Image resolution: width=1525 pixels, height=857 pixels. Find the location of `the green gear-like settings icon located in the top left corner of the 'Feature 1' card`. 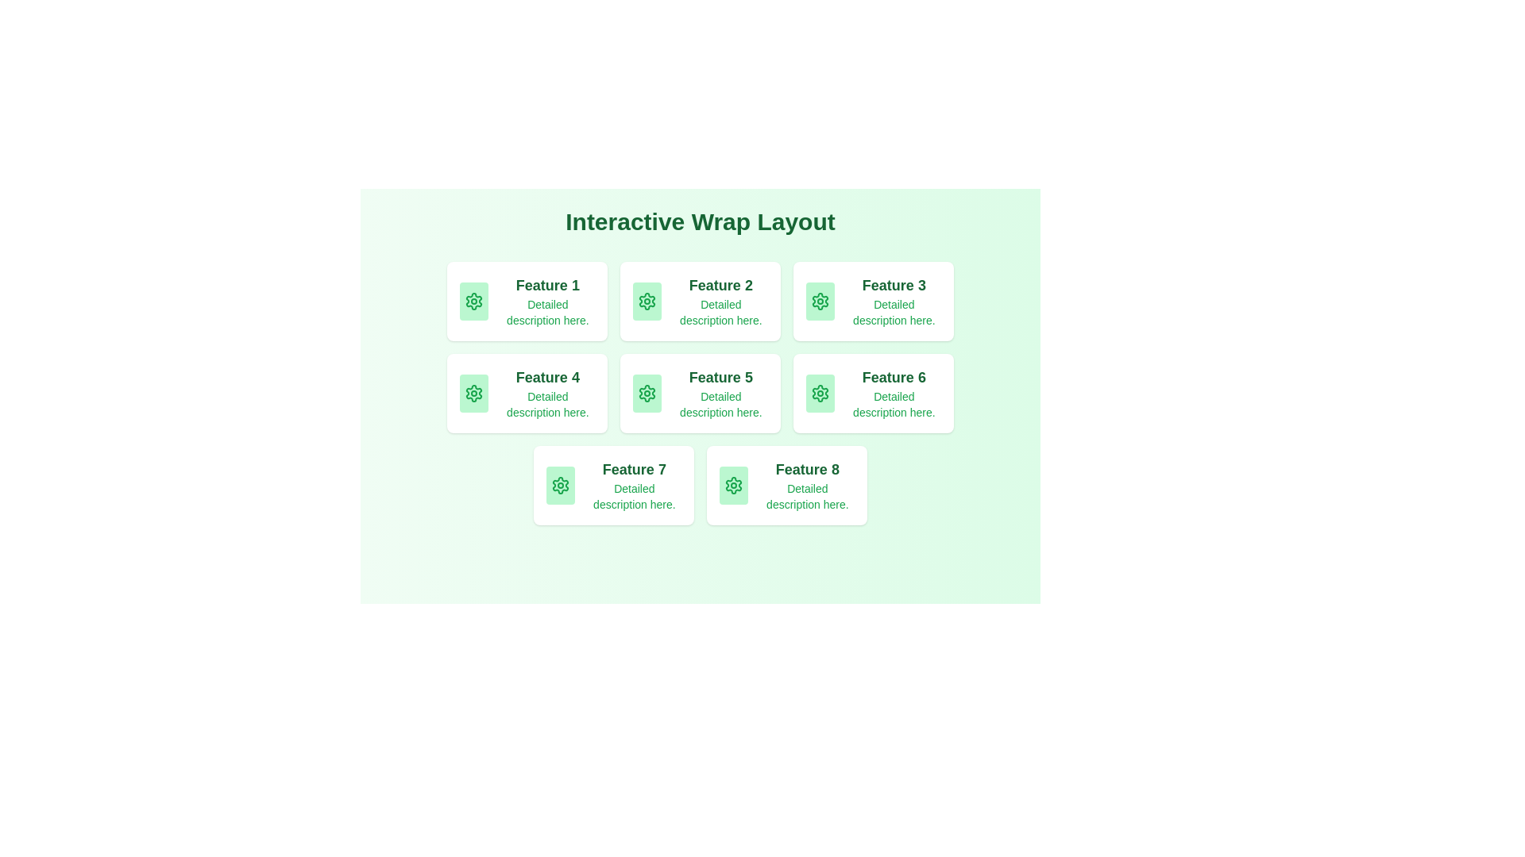

the green gear-like settings icon located in the top left corner of the 'Feature 1' card is located at coordinates (473, 302).